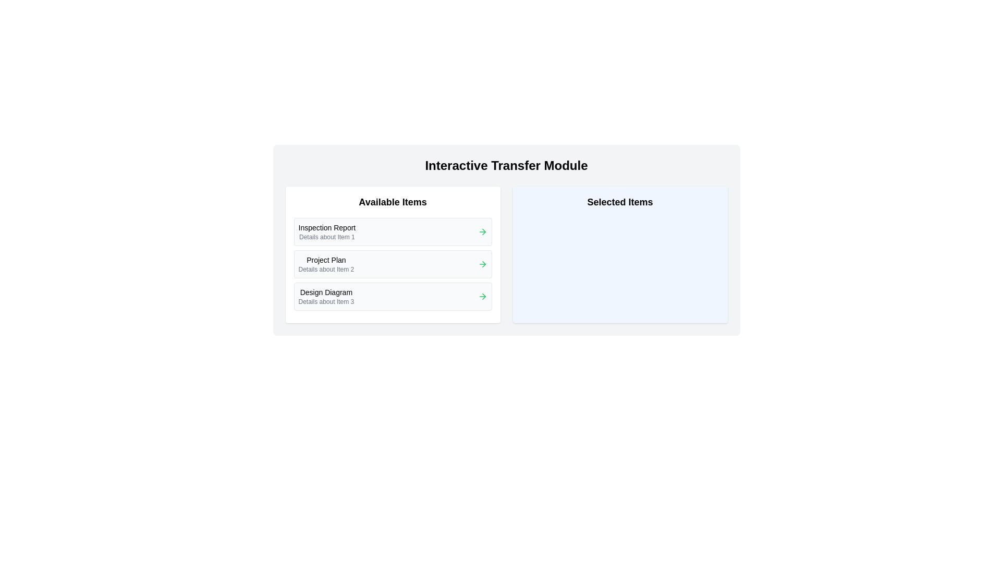  Describe the element at coordinates (482, 263) in the screenshot. I see `the green arrow icon button located to the right of the 'Project Plan' item in the 'Available Items' section` at that location.